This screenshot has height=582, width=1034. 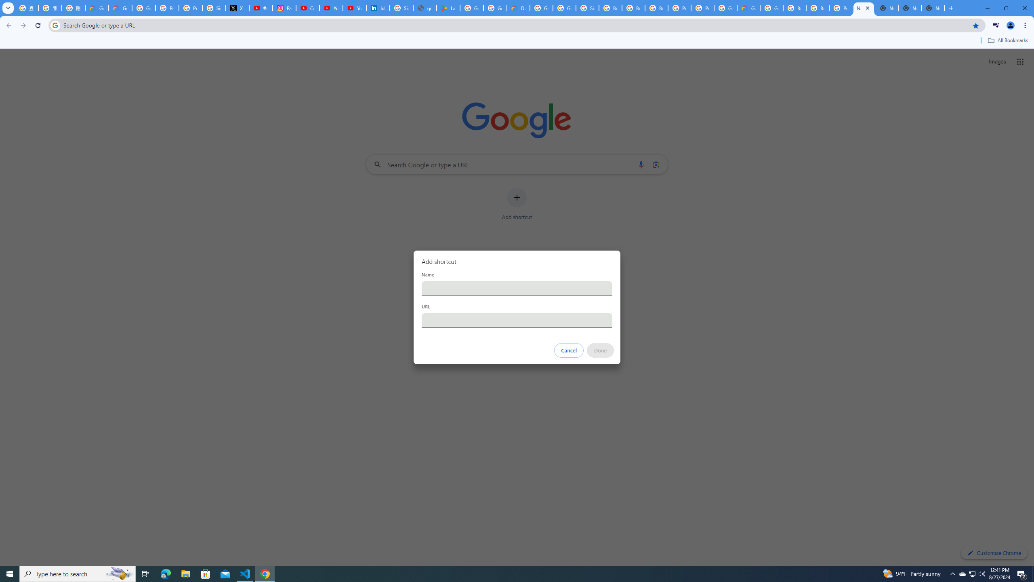 What do you see at coordinates (748, 8) in the screenshot?
I see `'Google Cloud Estimate Summary'` at bounding box center [748, 8].